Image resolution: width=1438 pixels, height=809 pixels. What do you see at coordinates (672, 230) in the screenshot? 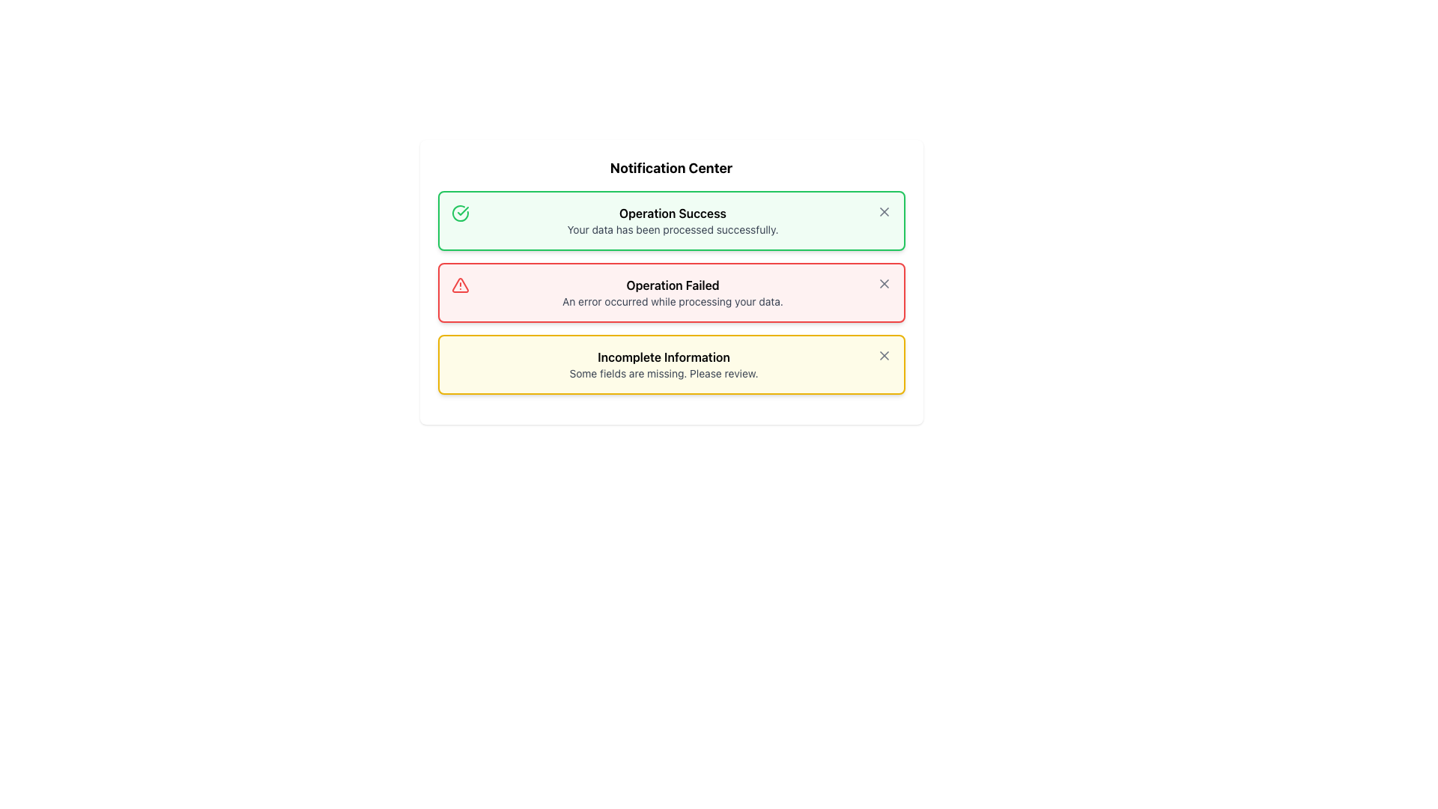
I see `the text label that displays the message 'Your data has been processed successfully.' which is styled in gray and located below the header 'Operation Success'` at bounding box center [672, 230].